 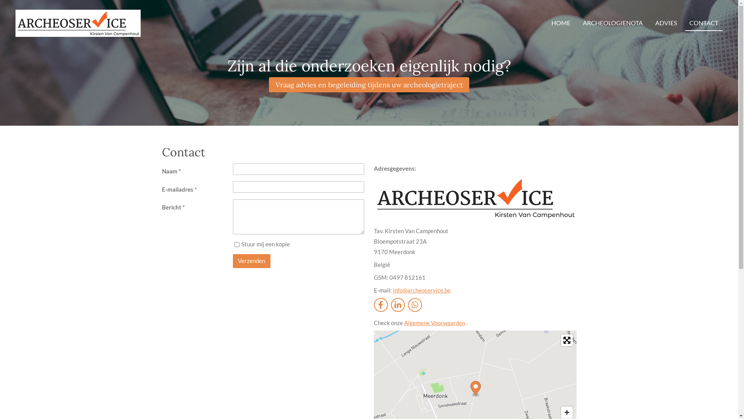 I want to click on 'Archeoservice Archeologienota', so click(x=15, y=23).